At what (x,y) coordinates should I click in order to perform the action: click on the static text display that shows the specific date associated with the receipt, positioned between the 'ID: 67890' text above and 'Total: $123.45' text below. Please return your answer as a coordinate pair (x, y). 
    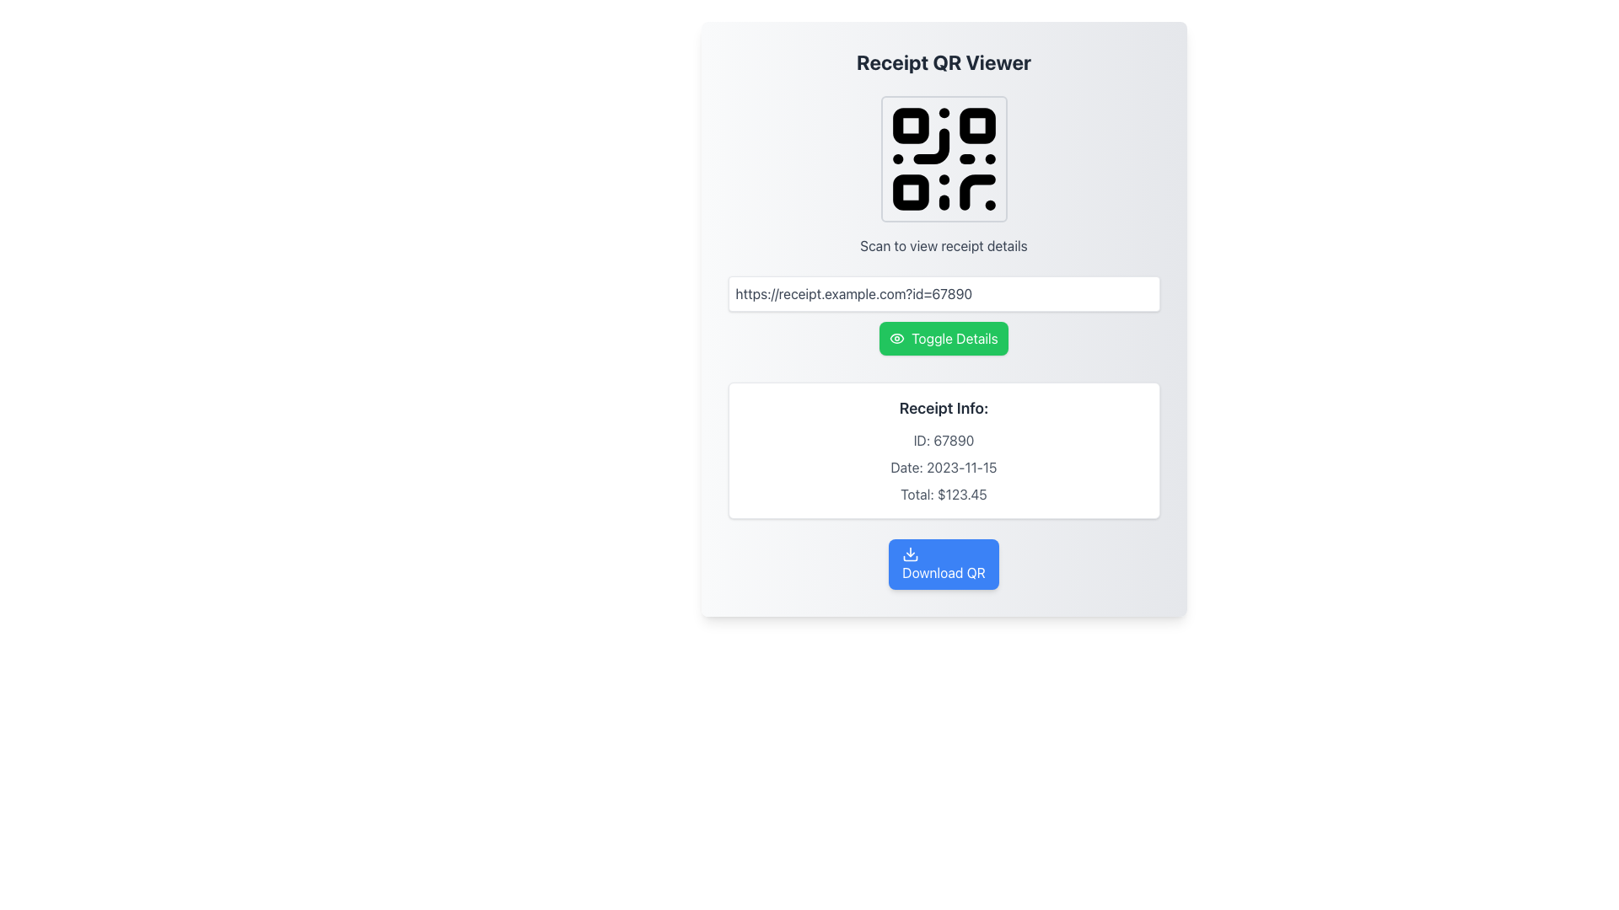
    Looking at the image, I should click on (943, 468).